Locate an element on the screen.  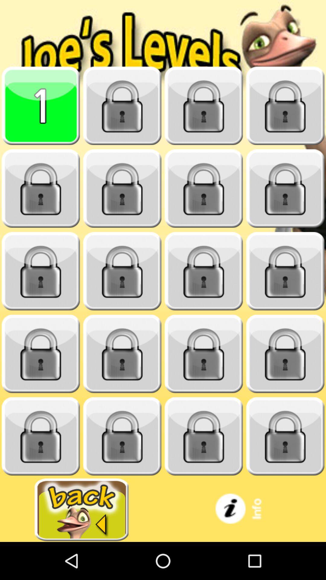
lock is located at coordinates (204, 106).